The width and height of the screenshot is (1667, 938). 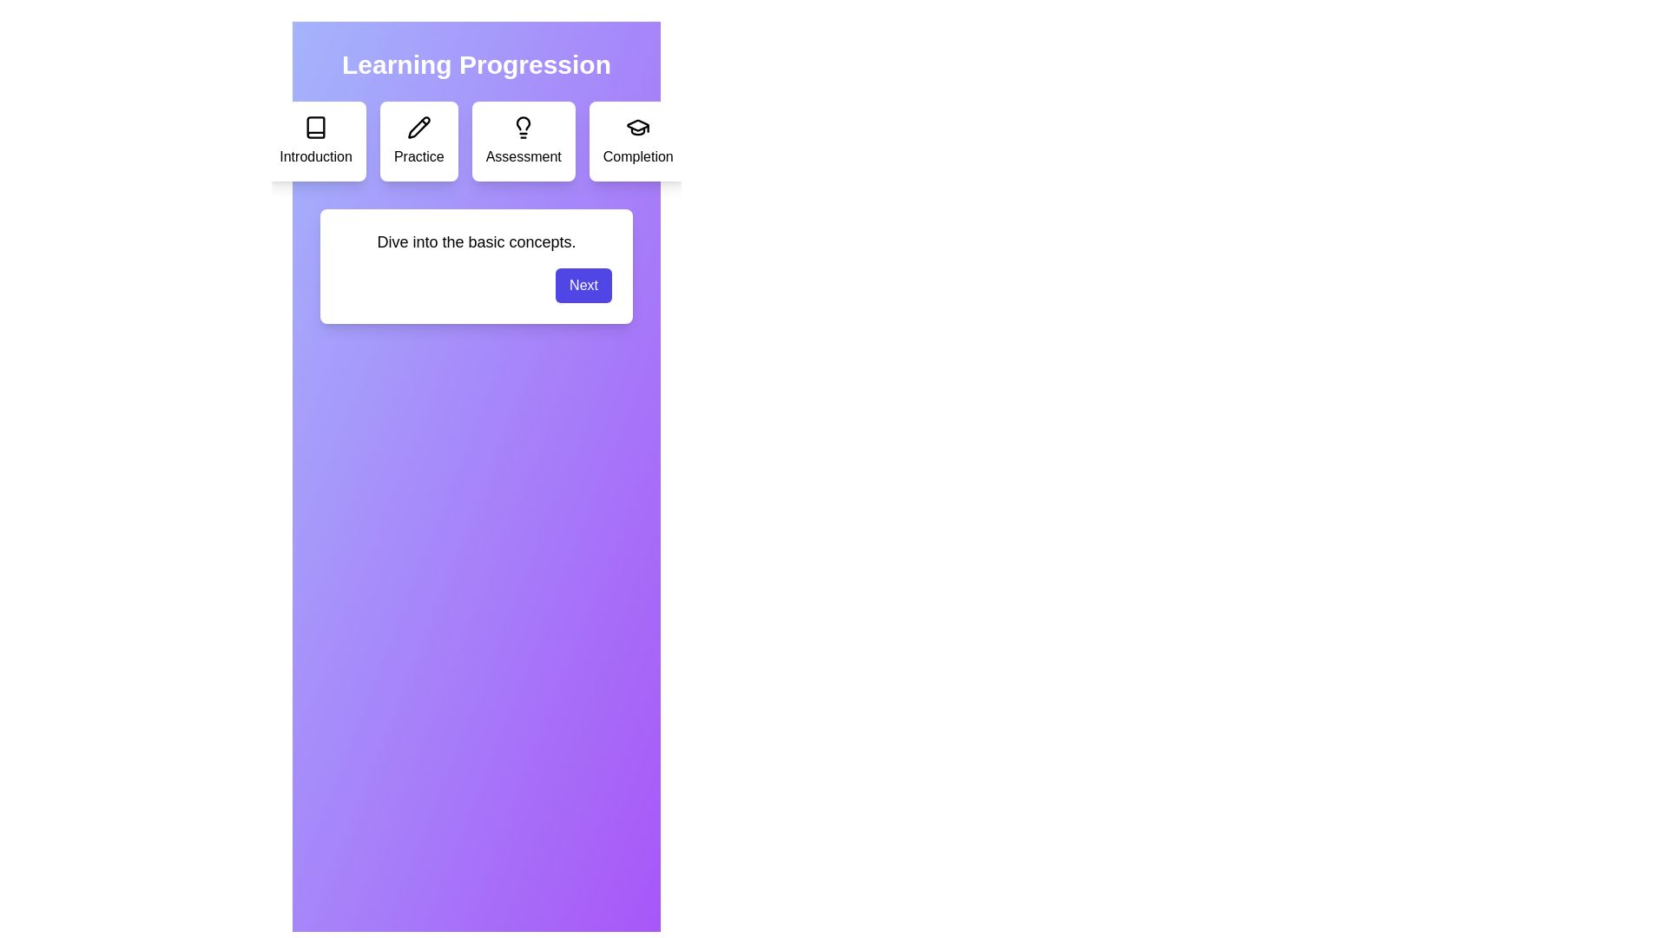 I want to click on the step Assessment in the learning path, so click(x=523, y=140).